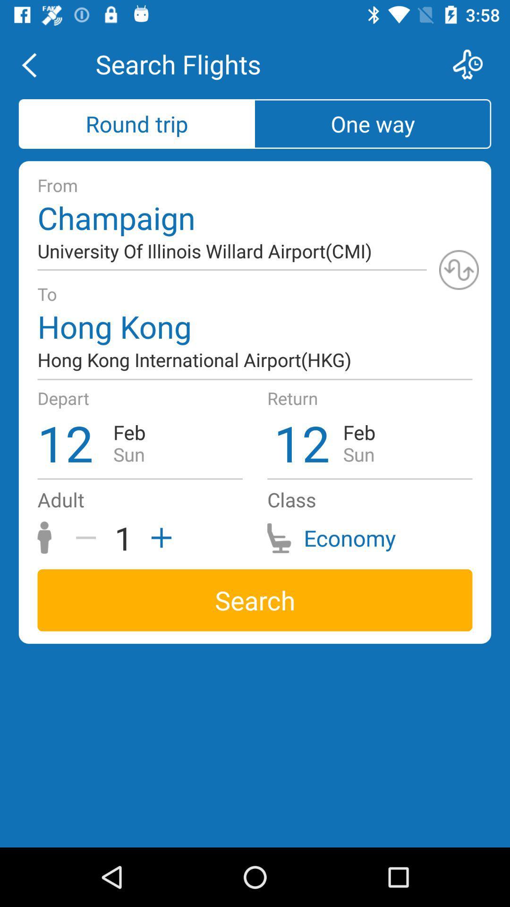 Image resolution: width=510 pixels, height=907 pixels. Describe the element at coordinates (459, 269) in the screenshot. I see `reverse locations` at that location.